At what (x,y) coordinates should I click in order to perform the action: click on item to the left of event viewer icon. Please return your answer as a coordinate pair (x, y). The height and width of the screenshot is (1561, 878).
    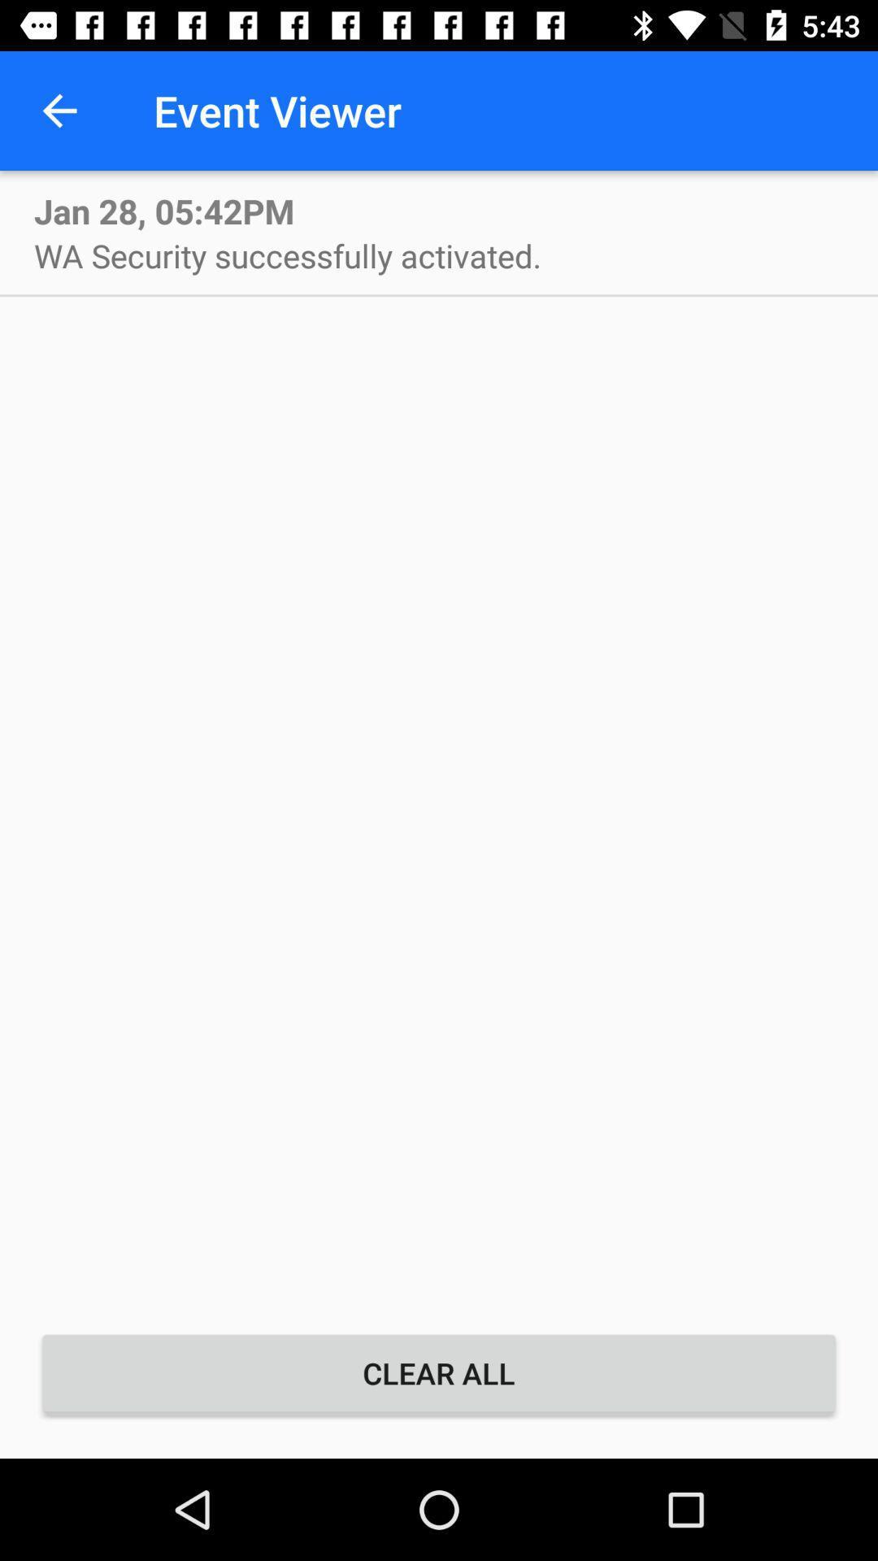
    Looking at the image, I should click on (59, 110).